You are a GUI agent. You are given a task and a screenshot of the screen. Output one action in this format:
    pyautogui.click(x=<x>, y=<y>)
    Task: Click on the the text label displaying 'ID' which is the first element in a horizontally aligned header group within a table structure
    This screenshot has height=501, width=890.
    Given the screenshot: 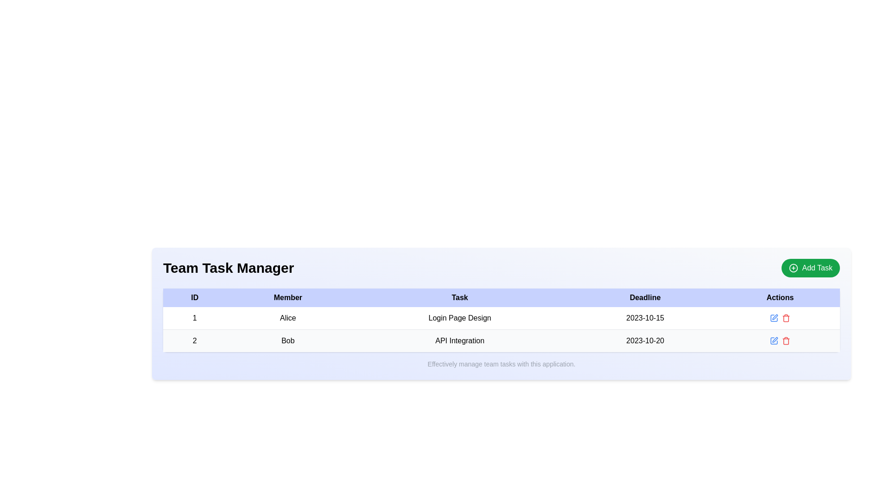 What is the action you would take?
    pyautogui.click(x=194, y=297)
    